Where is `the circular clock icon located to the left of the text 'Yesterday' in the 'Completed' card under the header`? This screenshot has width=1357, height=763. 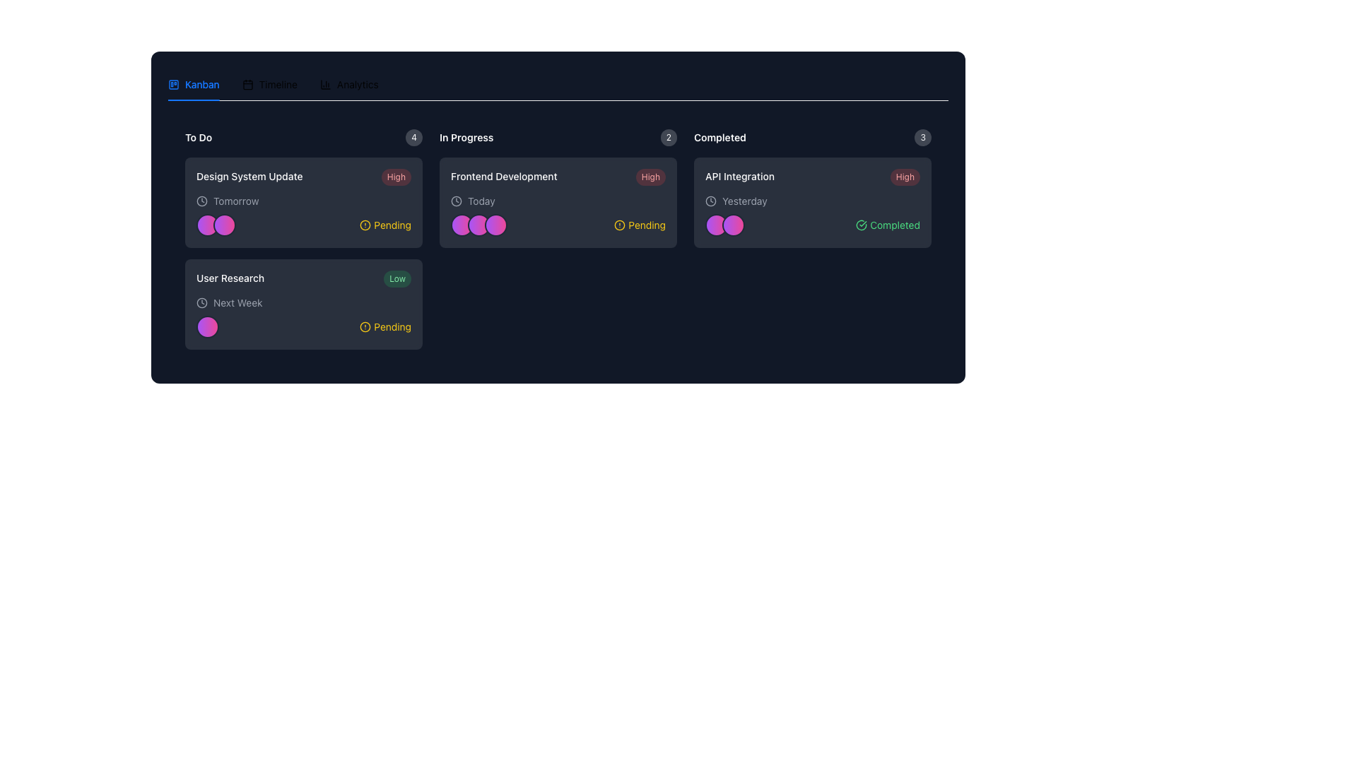 the circular clock icon located to the left of the text 'Yesterday' in the 'Completed' card under the header is located at coordinates (711, 201).